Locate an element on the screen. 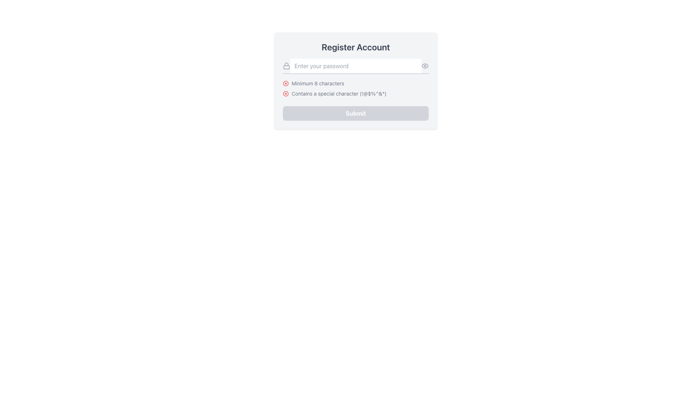  the password requirement feedback message indicating a minimum of 8 characters, located below the password entry input field is located at coordinates (355, 83).